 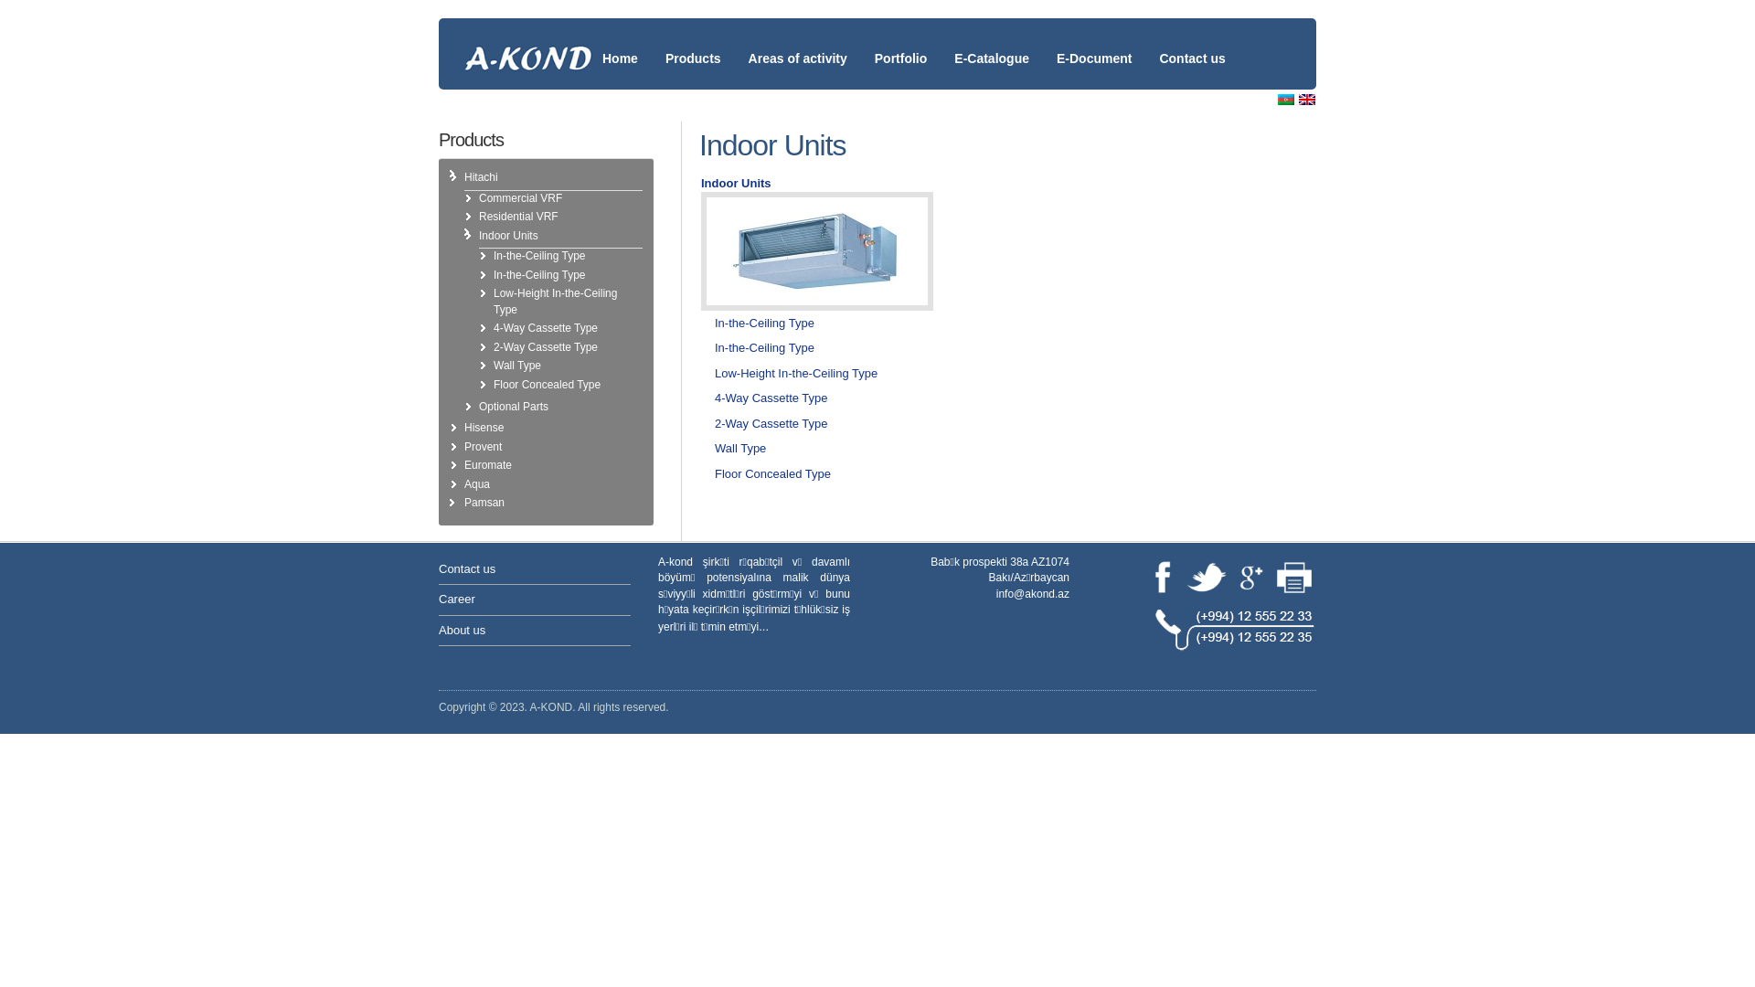 What do you see at coordinates (484, 503) in the screenshot?
I see `'Pamsan'` at bounding box center [484, 503].